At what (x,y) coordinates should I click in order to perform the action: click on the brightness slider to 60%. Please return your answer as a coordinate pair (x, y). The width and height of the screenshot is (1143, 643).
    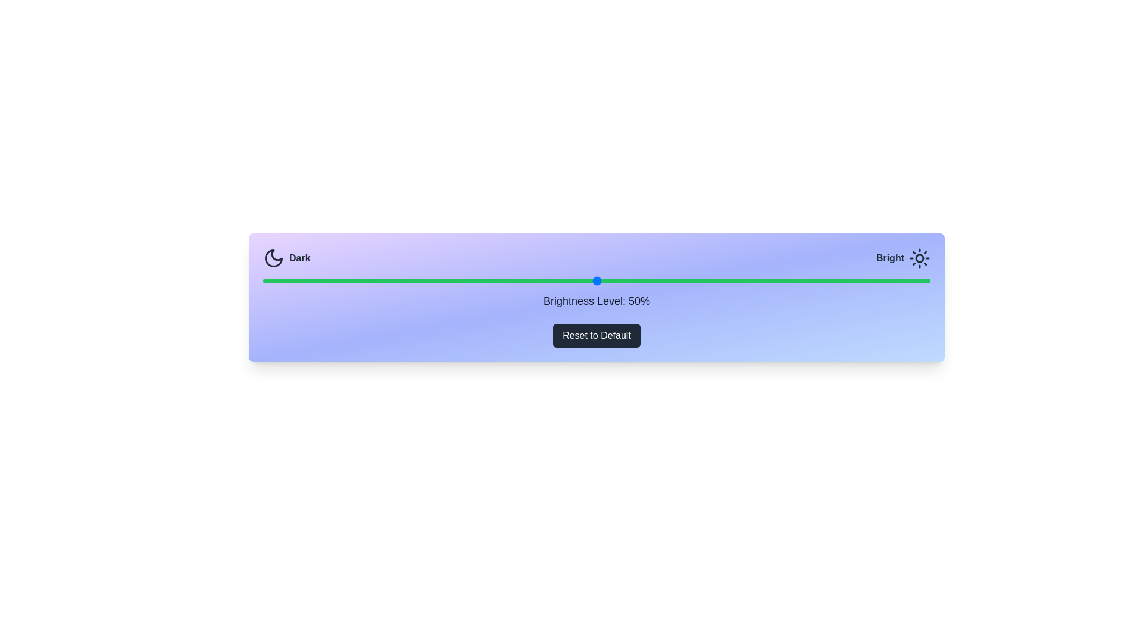
    Looking at the image, I should click on (663, 280).